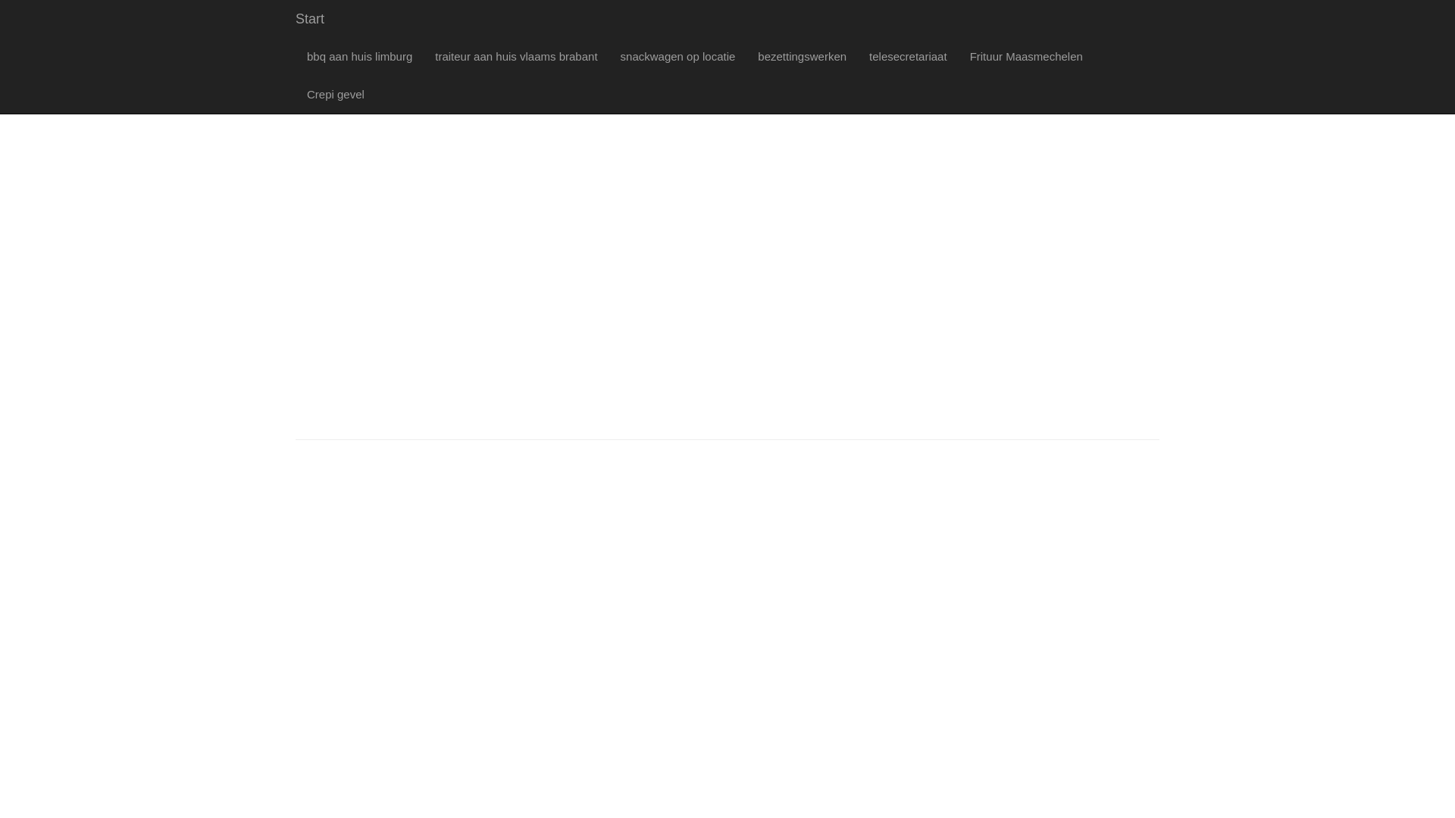 This screenshot has height=818, width=1455. I want to click on 'traiteur aan huis vlaams brabant', so click(516, 55).